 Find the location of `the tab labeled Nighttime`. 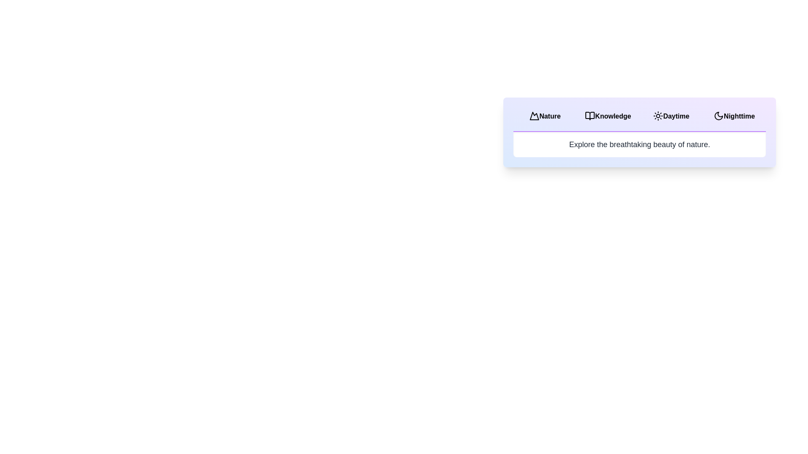

the tab labeled Nighttime is located at coordinates (734, 116).